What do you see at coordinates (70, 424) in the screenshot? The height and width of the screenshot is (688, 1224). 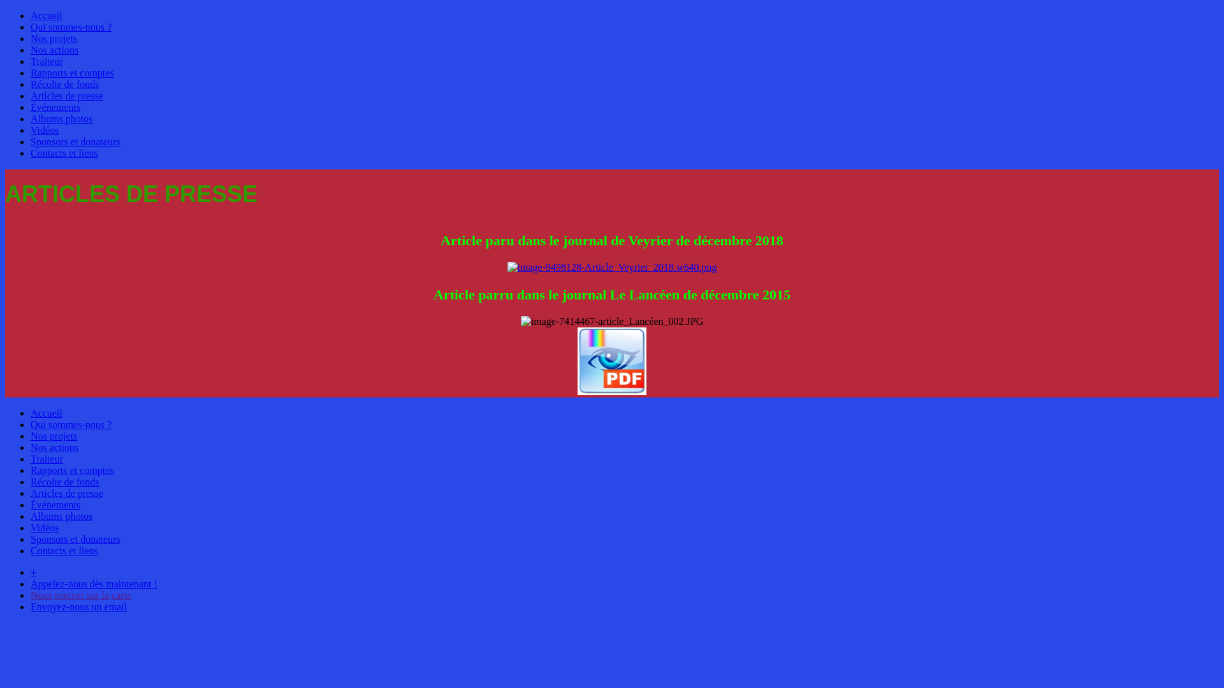 I see `'Qui sommes-nous ?'` at bounding box center [70, 424].